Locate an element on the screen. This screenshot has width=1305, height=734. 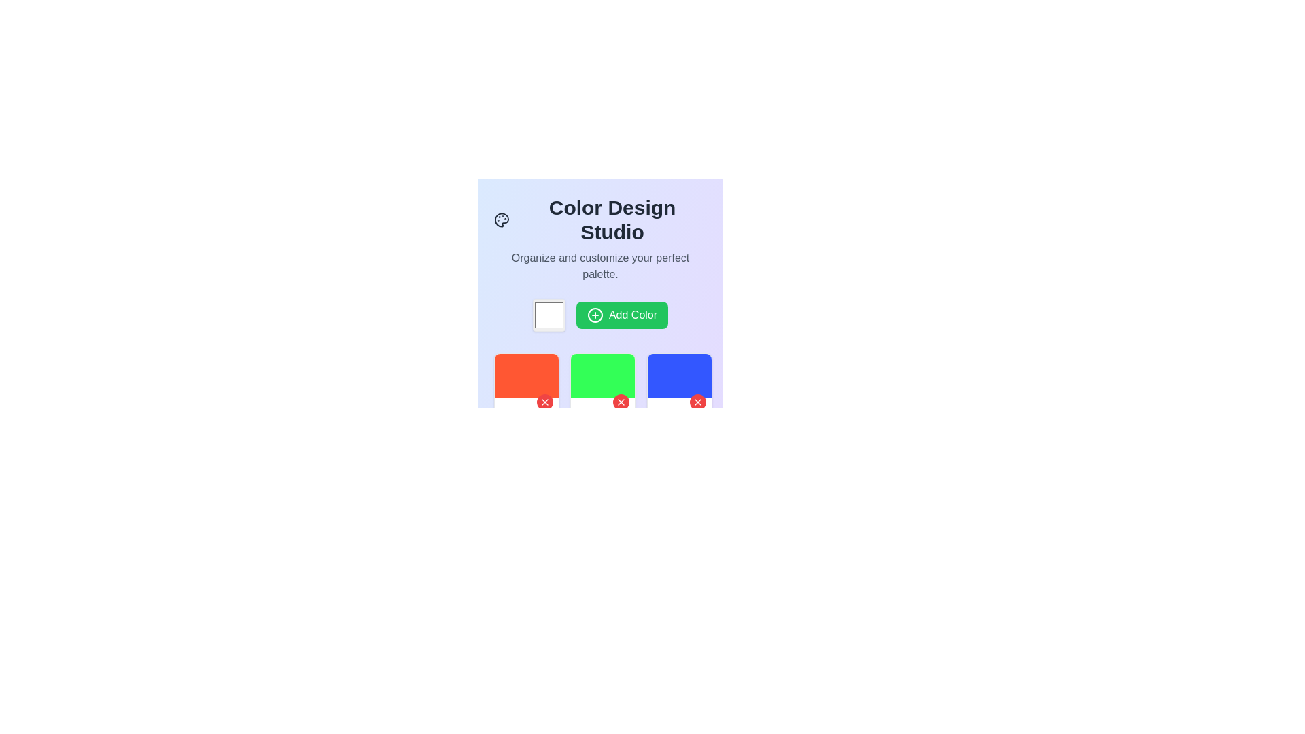
the vibrant green button labeled 'Add Color' to observe the hover effect is located at coordinates (621, 315).